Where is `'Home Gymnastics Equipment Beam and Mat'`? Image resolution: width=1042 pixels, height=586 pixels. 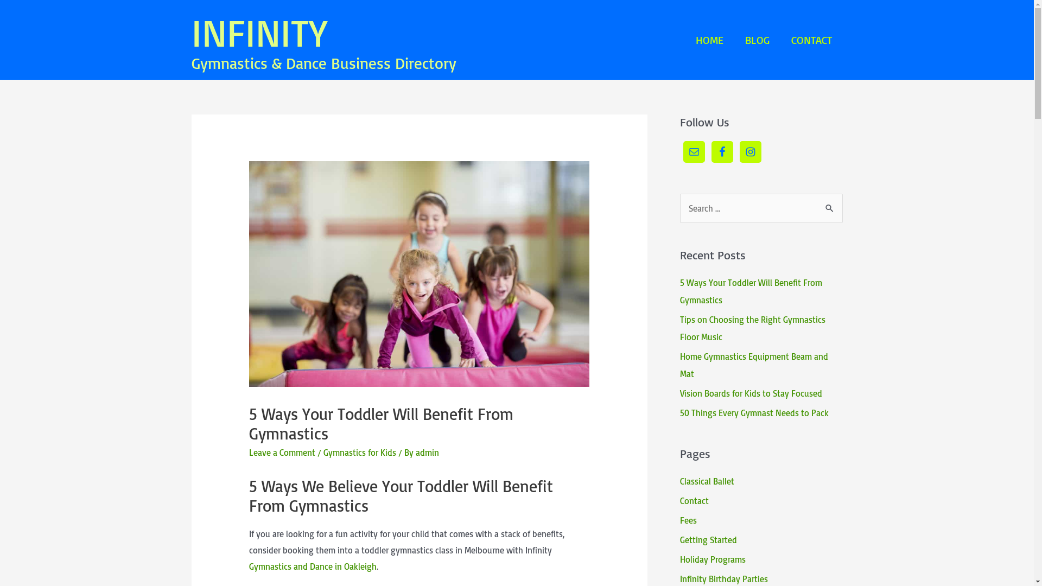
'Home Gymnastics Equipment Beam and Mat' is located at coordinates (753, 365).